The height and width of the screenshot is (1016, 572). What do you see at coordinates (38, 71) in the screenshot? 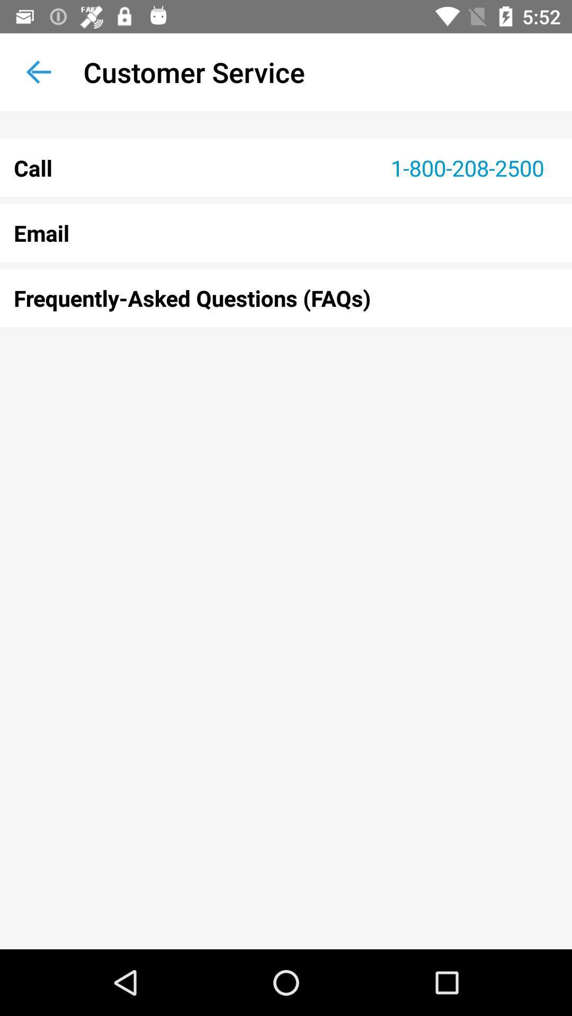
I see `the icon above call item` at bounding box center [38, 71].